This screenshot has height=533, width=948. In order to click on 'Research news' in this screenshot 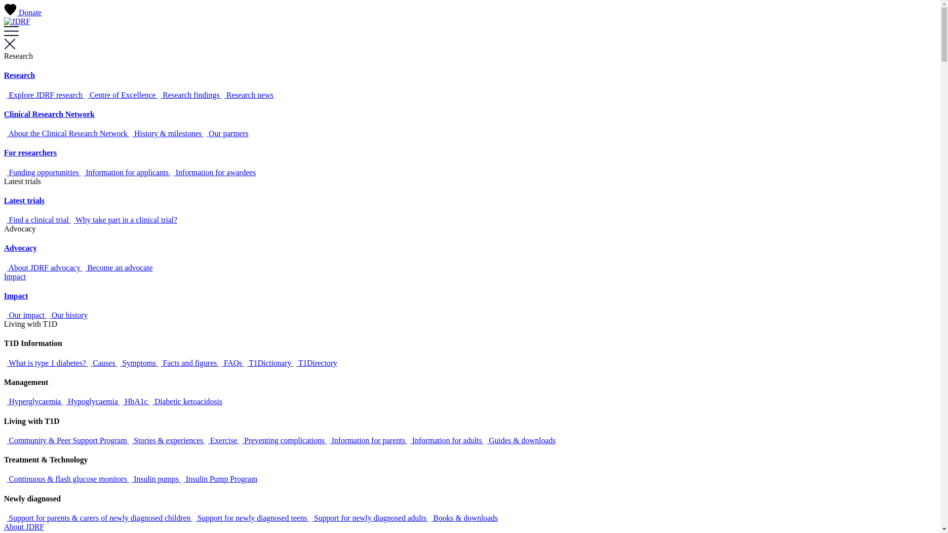, I will do `click(248, 95)`.